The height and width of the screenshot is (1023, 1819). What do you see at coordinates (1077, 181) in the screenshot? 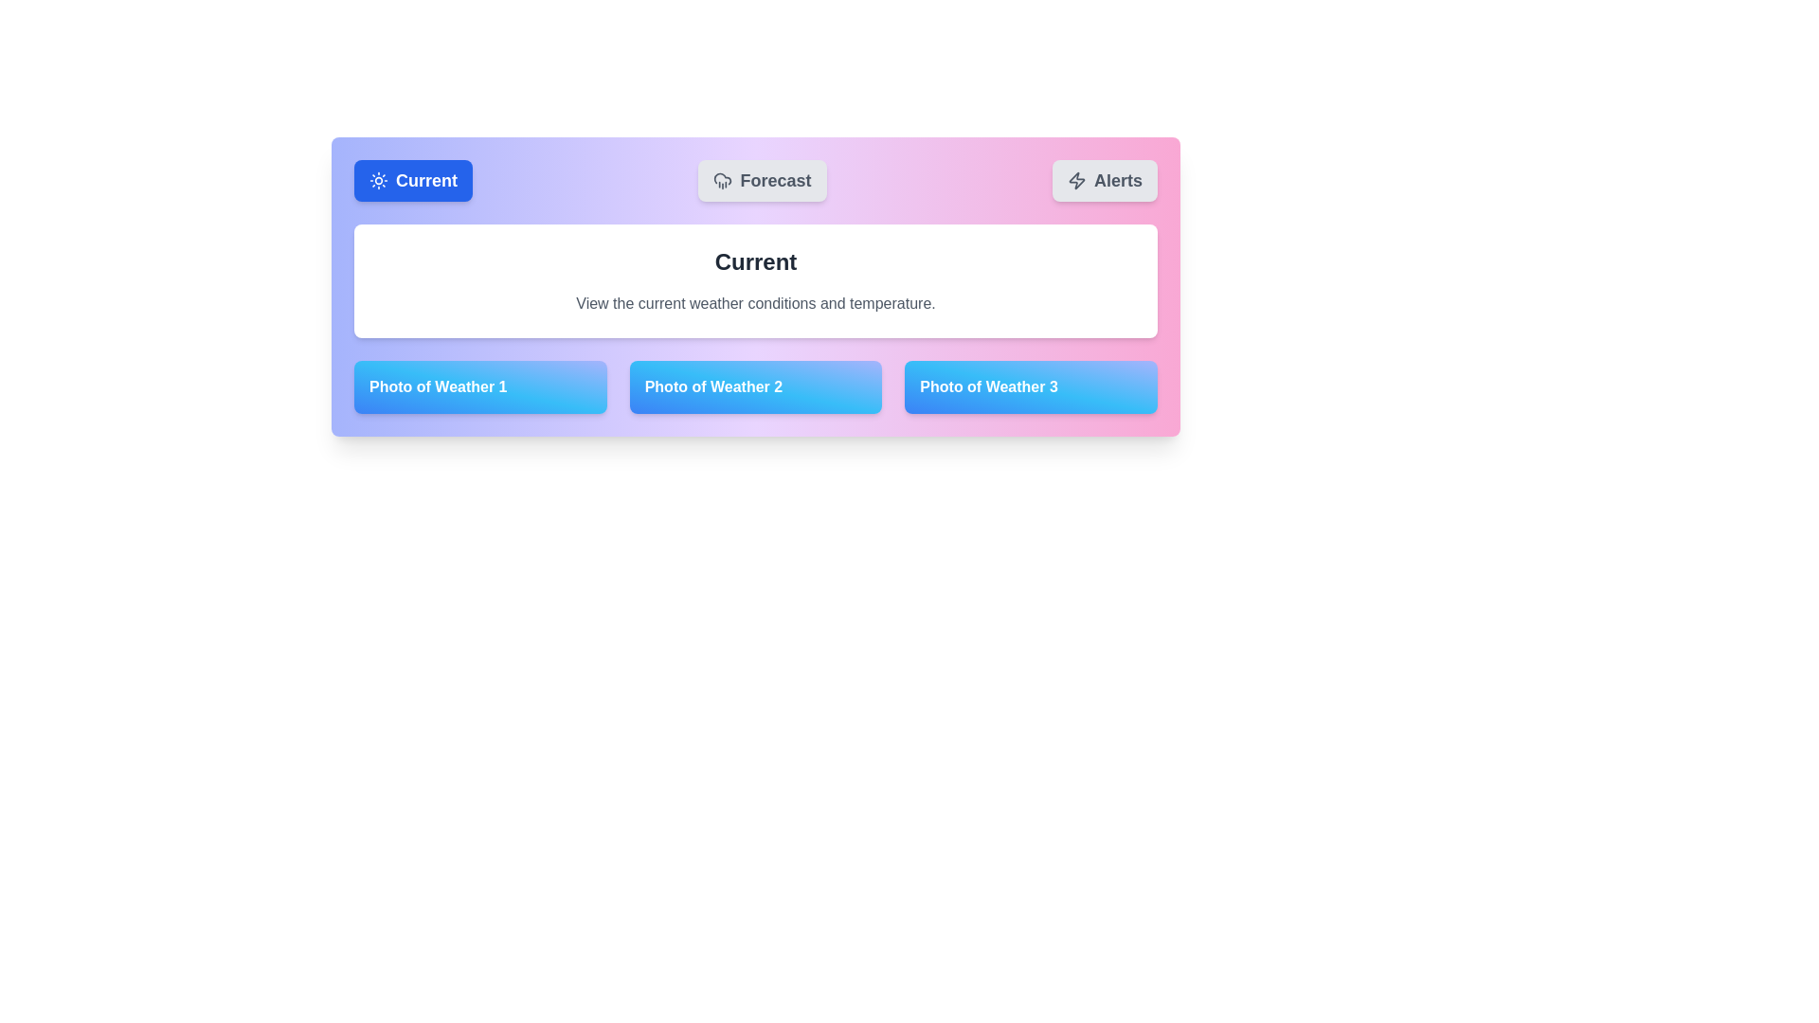
I see `the lightning bolt icon that is part of the 'Alerts' button, located in the top right corner of the interface` at bounding box center [1077, 181].